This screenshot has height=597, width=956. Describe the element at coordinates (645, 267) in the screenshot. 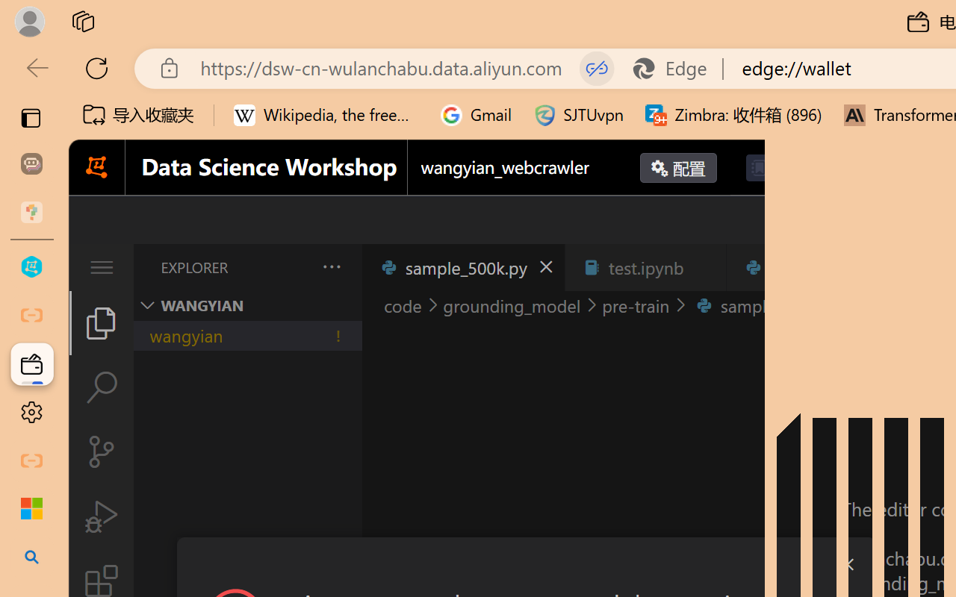

I see `'test.ipynb'` at that location.